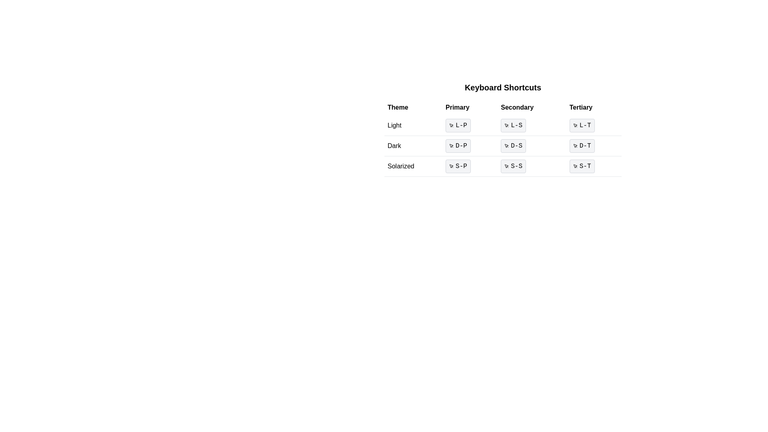 The image size is (768, 432). I want to click on the 'Secondary' action button in the 'Light' theme row, which contains the shortcut label text, so click(516, 125).